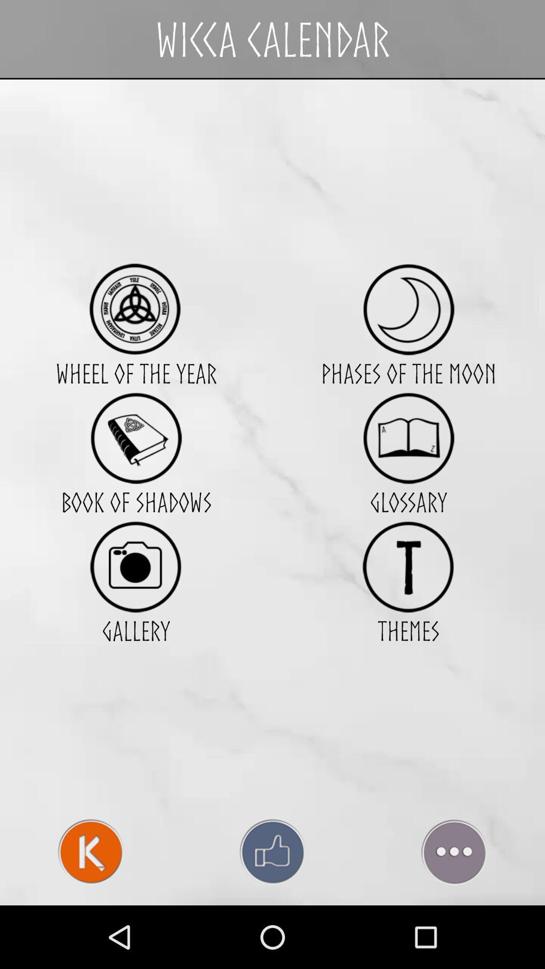  I want to click on the icon to the right of wheel of the icon, so click(408, 438).